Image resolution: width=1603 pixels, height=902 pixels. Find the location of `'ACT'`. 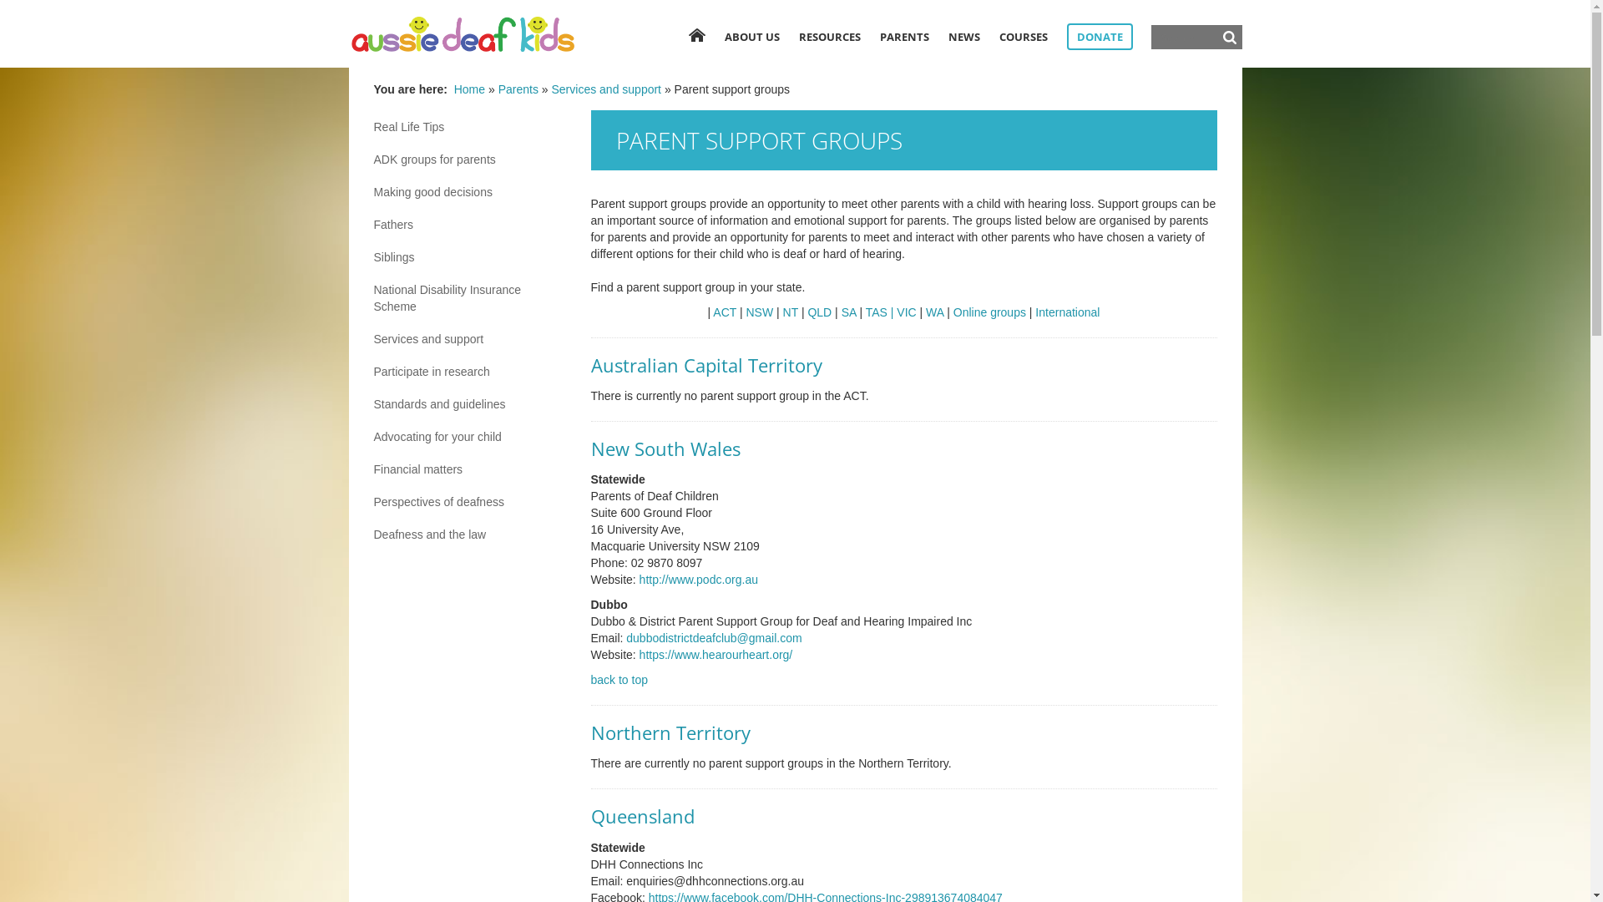

'ACT' is located at coordinates (725, 312).